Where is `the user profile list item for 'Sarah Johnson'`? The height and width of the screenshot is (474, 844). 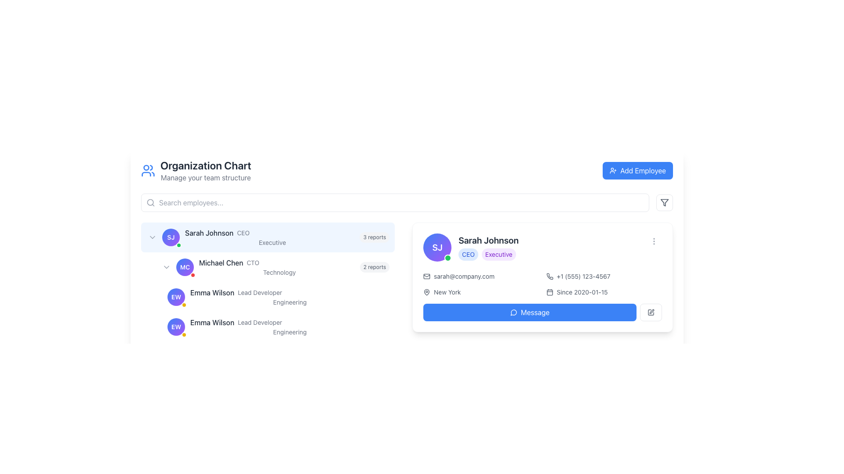 the user profile list item for 'Sarah Johnson' is located at coordinates (267, 237).